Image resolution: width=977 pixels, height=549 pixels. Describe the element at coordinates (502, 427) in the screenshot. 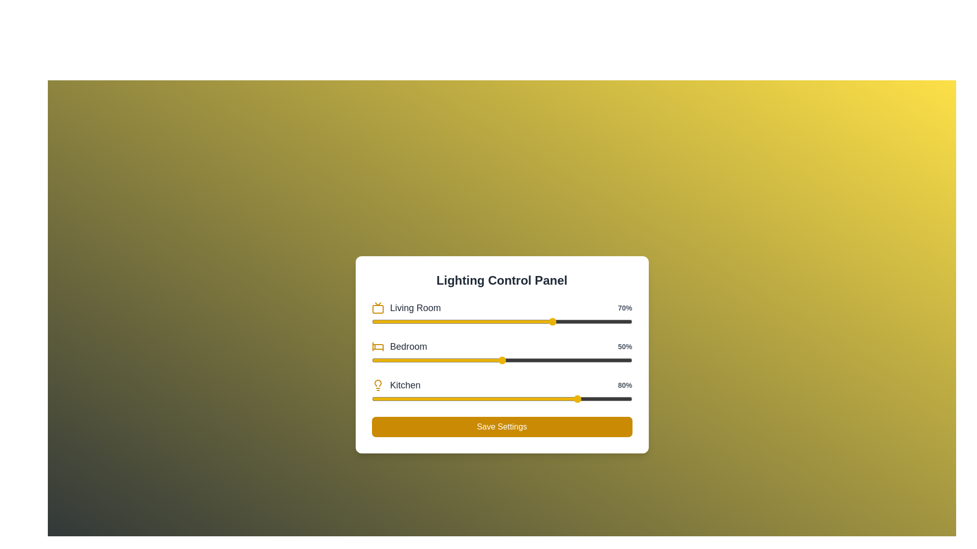

I see `the 'Save Settings' button` at that location.